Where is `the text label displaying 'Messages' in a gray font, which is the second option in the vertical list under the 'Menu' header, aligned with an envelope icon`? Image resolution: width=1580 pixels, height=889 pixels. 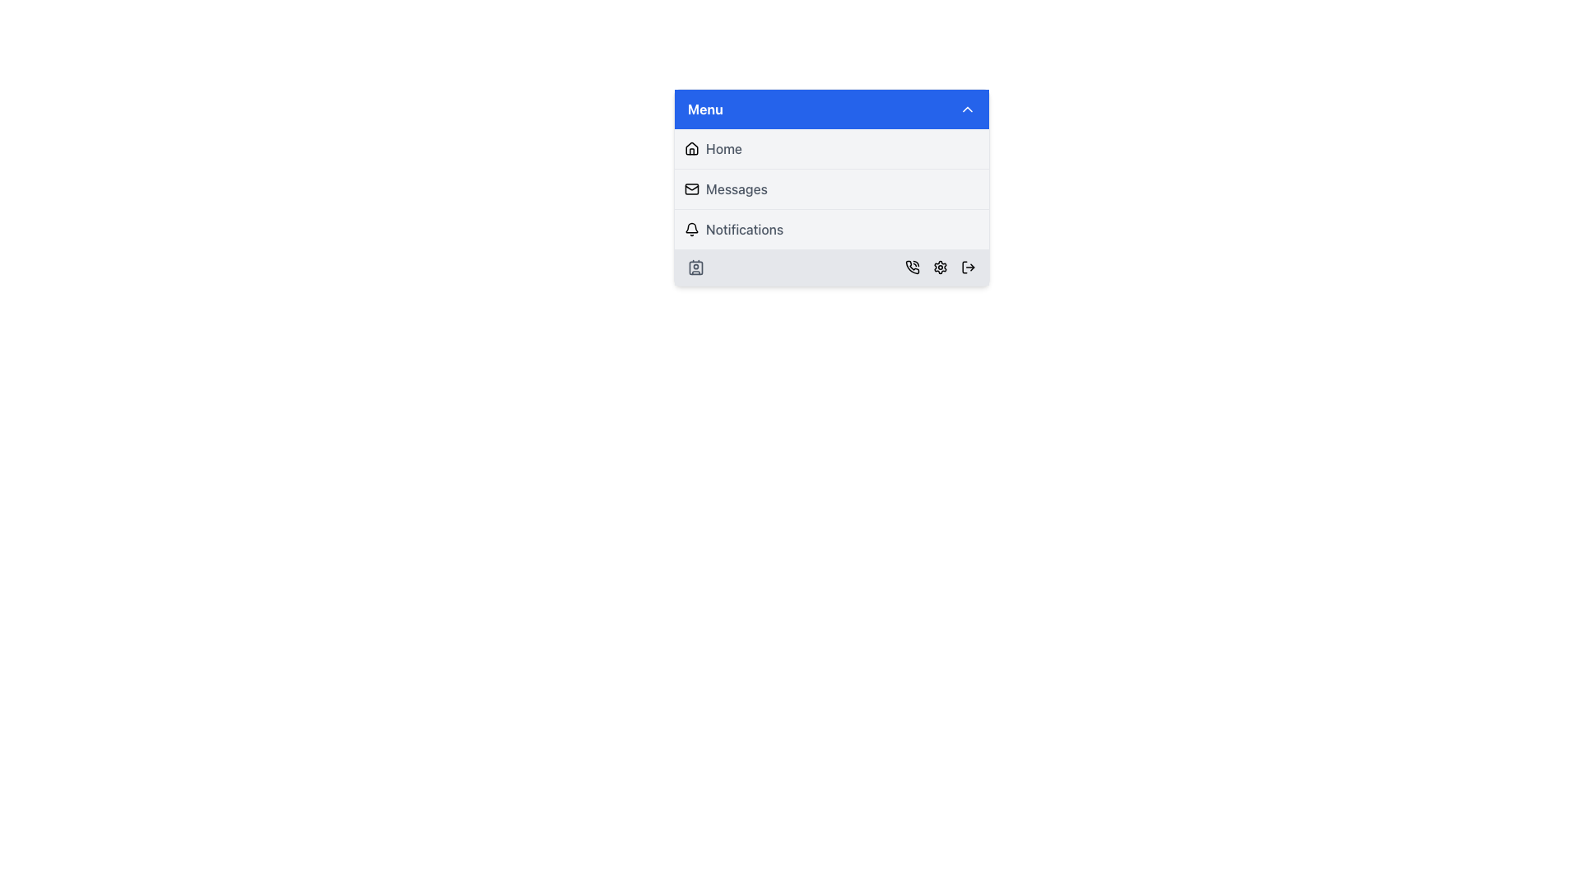
the text label displaying 'Messages' in a gray font, which is the second option in the vertical list under the 'Menu' header, aligned with an envelope icon is located at coordinates (736, 189).